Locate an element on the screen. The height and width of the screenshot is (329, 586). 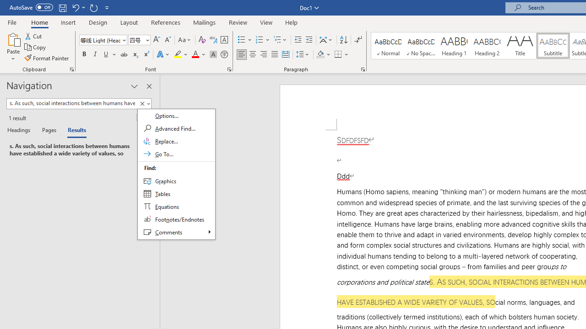
'Shading' is located at coordinates (324, 54).